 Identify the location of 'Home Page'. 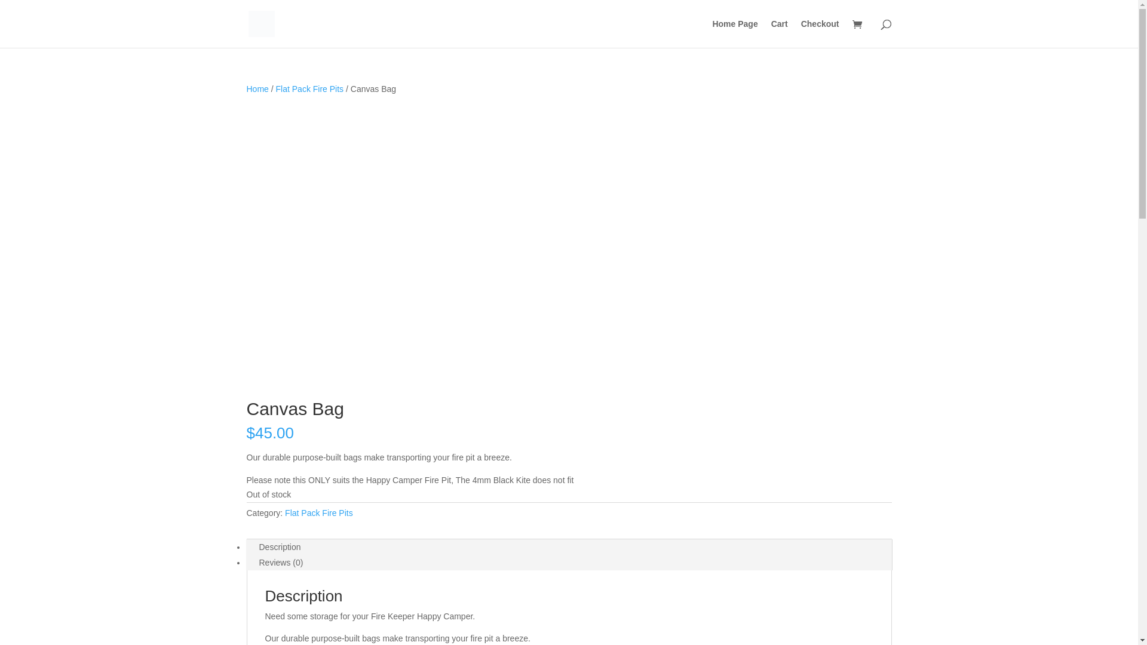
(734, 33).